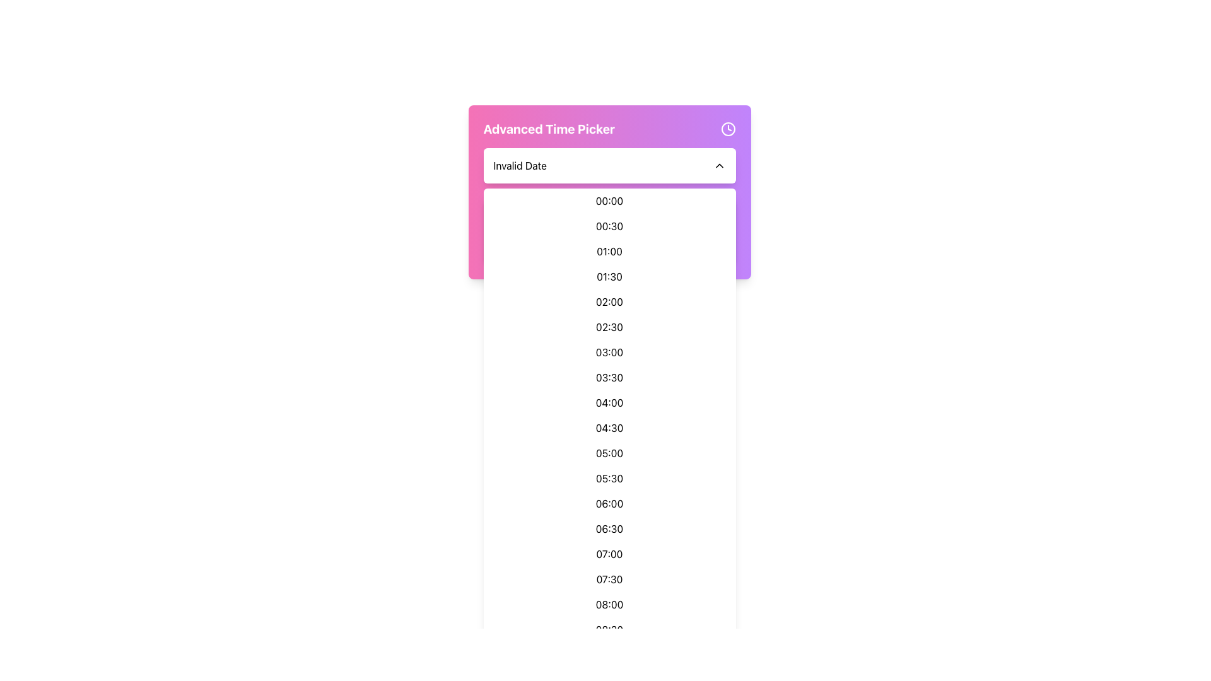 Image resolution: width=1211 pixels, height=681 pixels. Describe the element at coordinates (609, 276) in the screenshot. I see `the time selection option '01:30' in the dropdown menu under the 'Invalid Date' input field` at that location.